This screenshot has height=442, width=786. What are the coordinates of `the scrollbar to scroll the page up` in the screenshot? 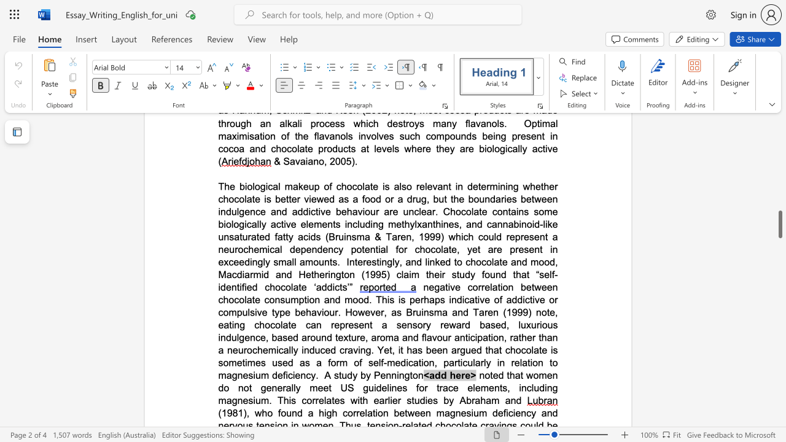 It's located at (779, 152).